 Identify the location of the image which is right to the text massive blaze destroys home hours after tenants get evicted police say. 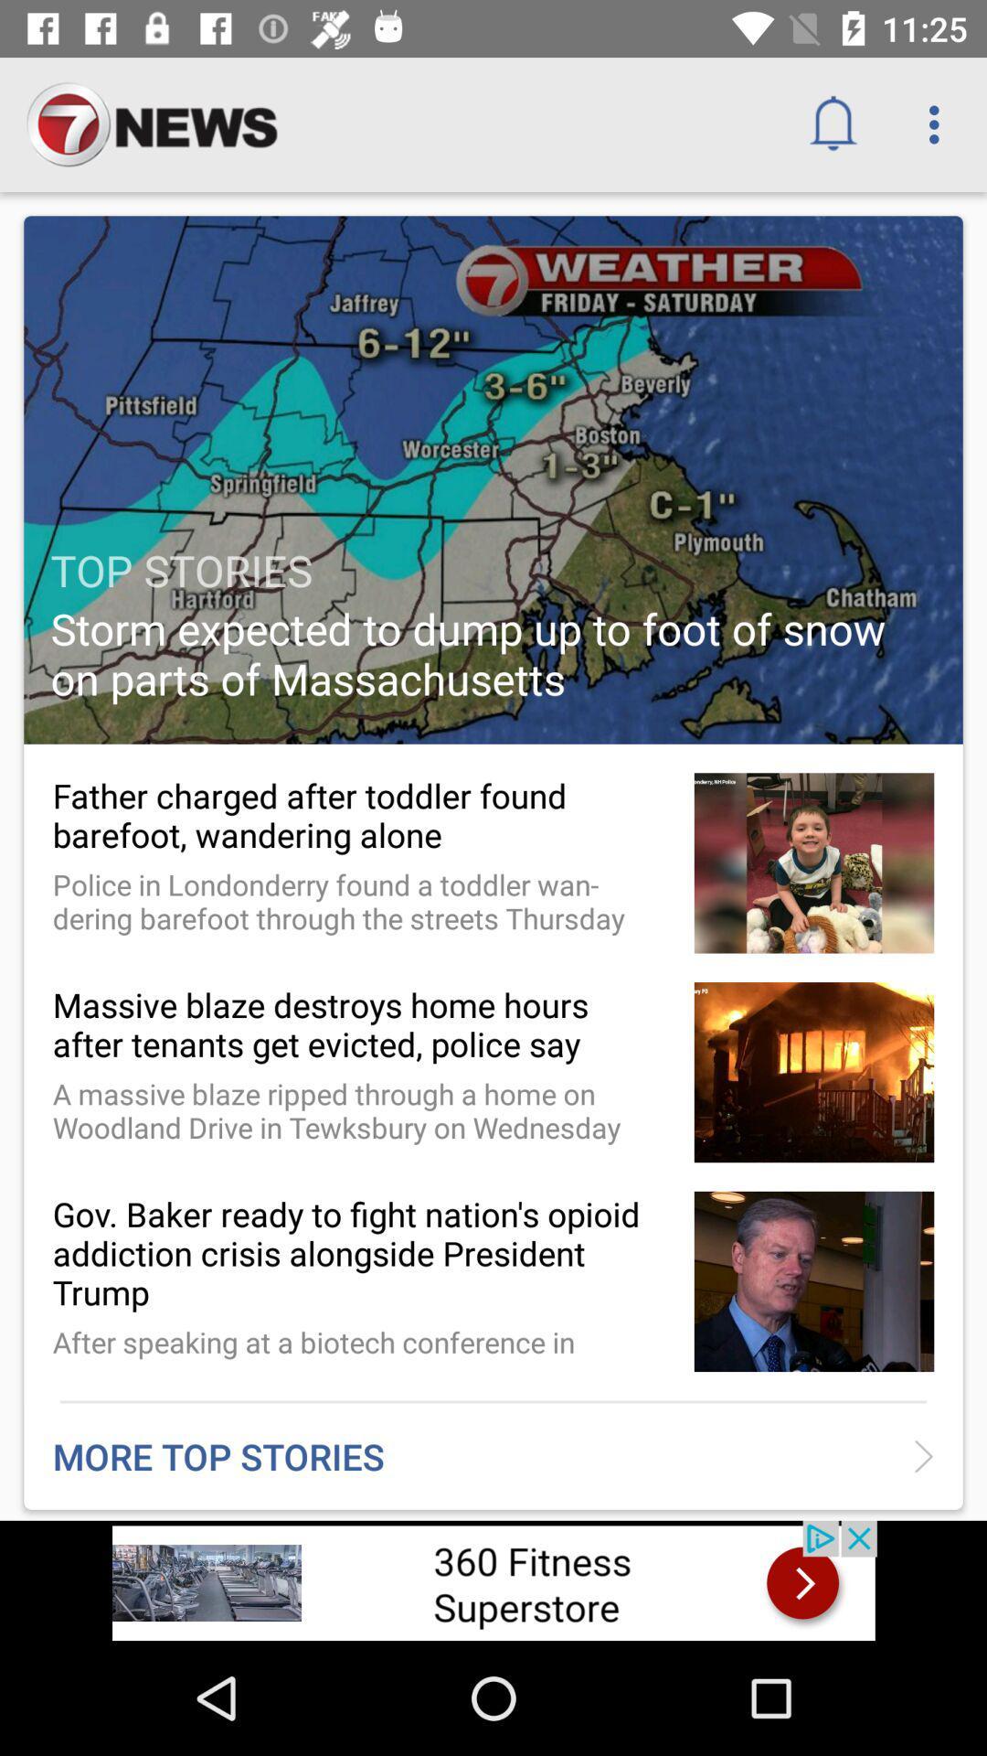
(813, 1072).